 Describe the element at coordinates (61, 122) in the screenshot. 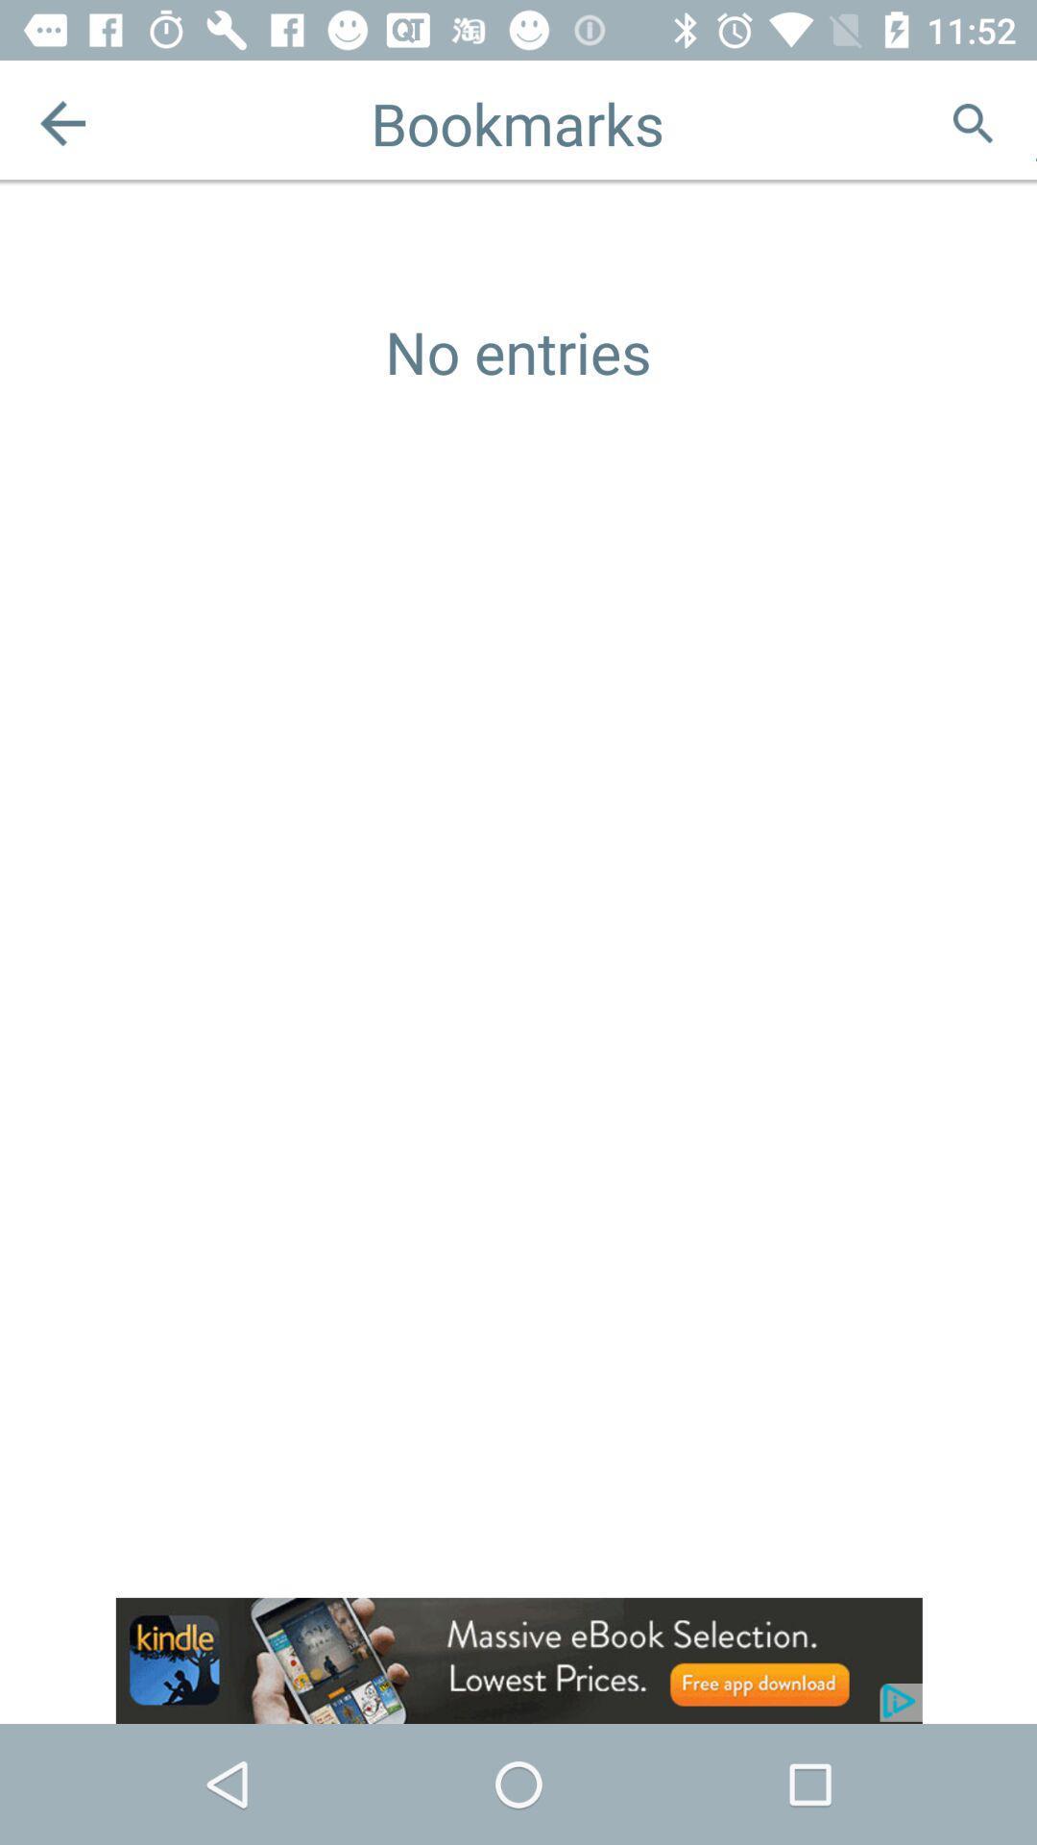

I see `the arrow_backward icon` at that location.